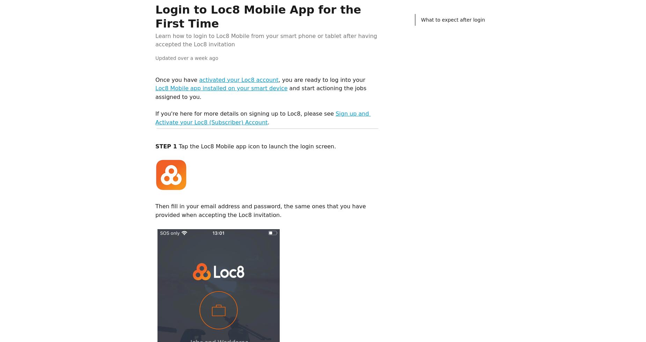  What do you see at coordinates (238, 79) in the screenshot?
I see `'activated your Loc8 account'` at bounding box center [238, 79].